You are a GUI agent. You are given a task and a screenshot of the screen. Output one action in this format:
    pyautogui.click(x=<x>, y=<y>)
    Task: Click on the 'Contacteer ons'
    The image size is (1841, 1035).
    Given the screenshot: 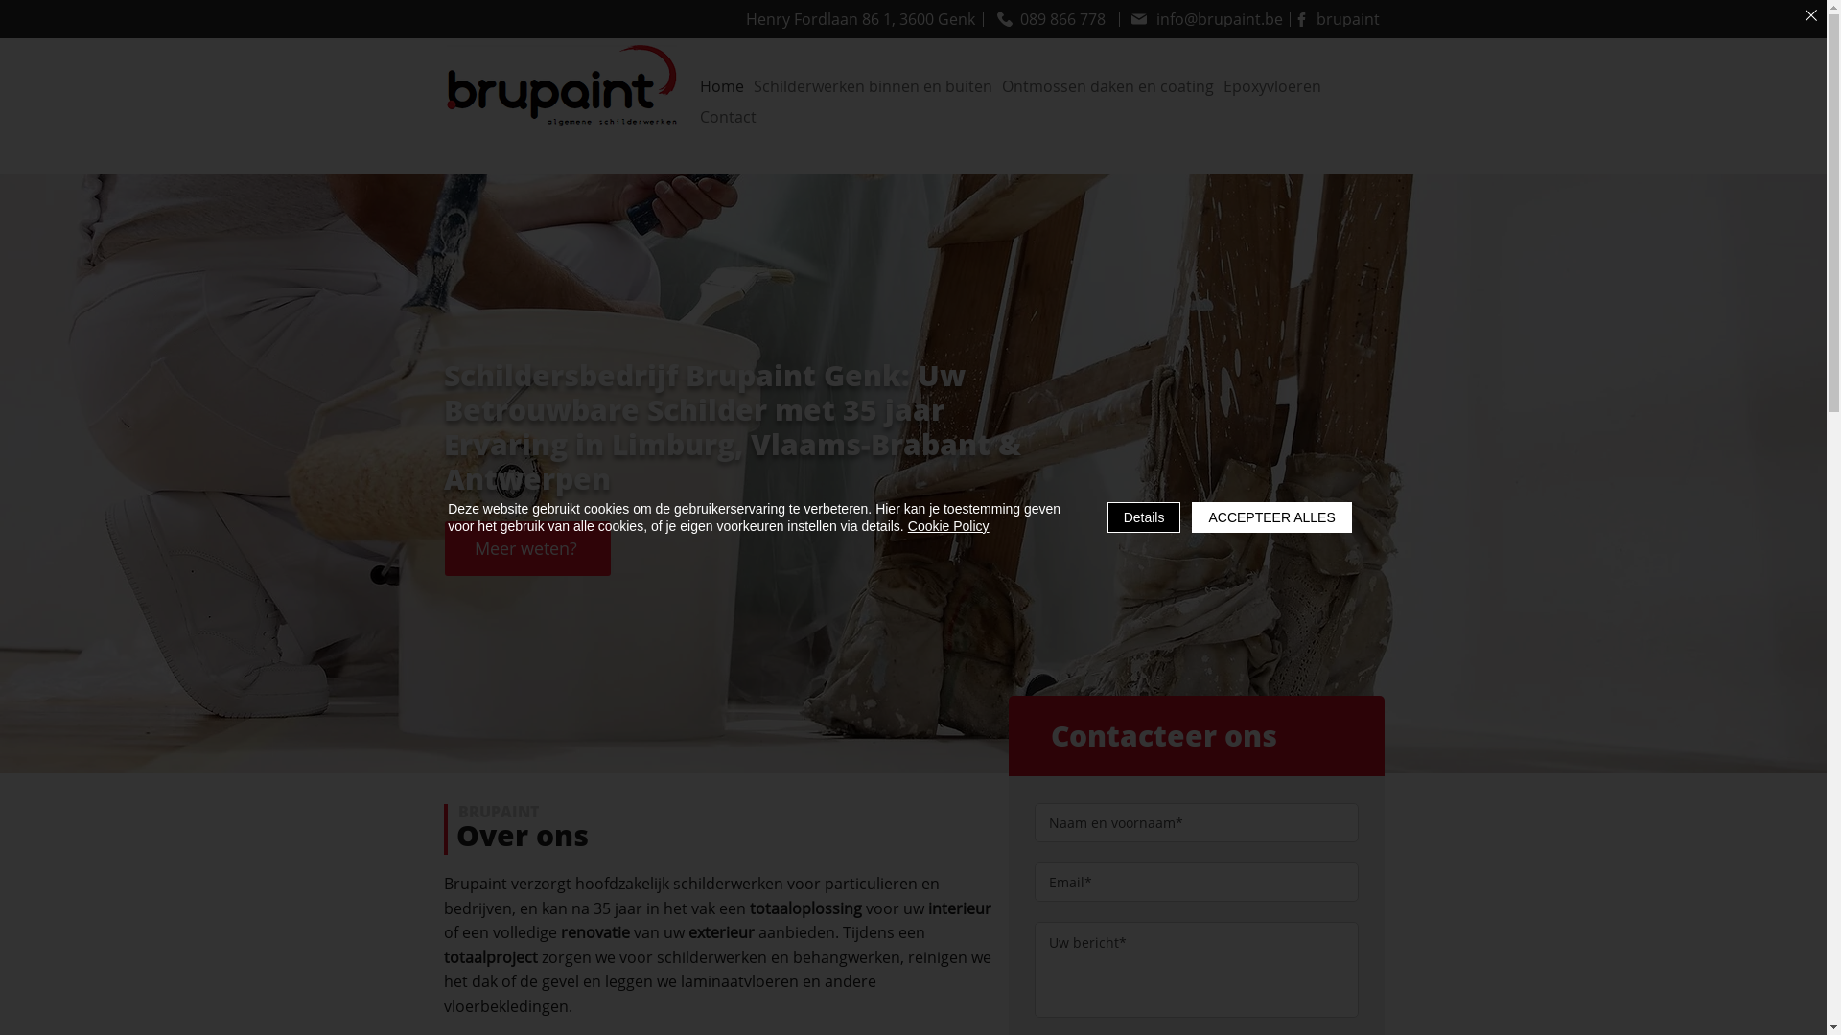 What is the action you would take?
    pyautogui.click(x=1163, y=734)
    